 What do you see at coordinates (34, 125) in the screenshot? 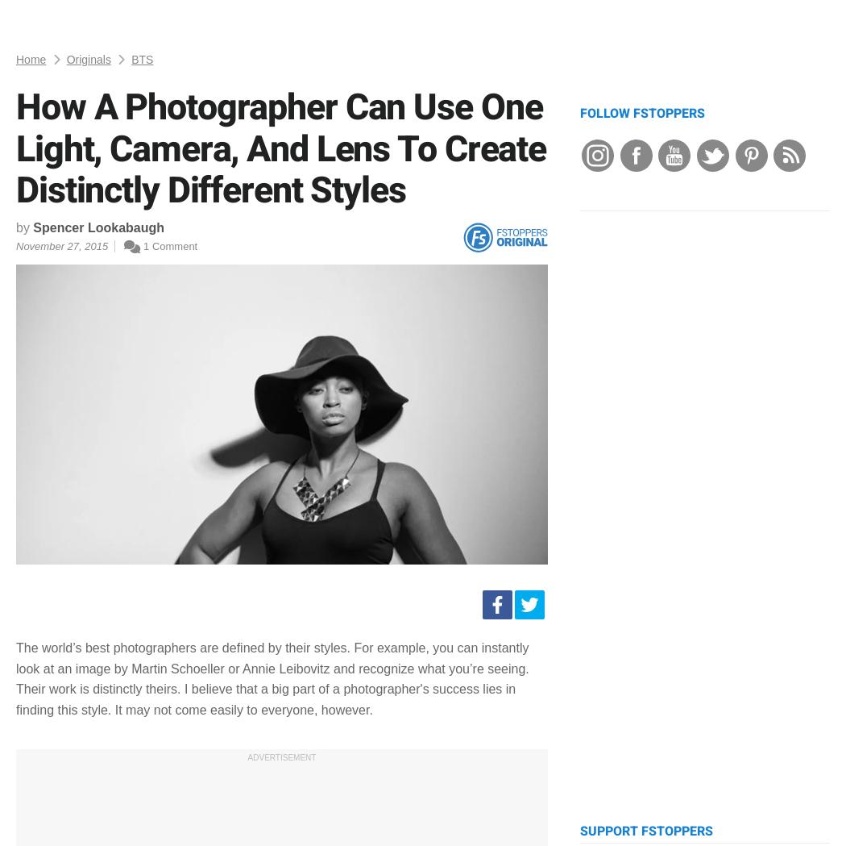
I see `'Topics:'` at bounding box center [34, 125].